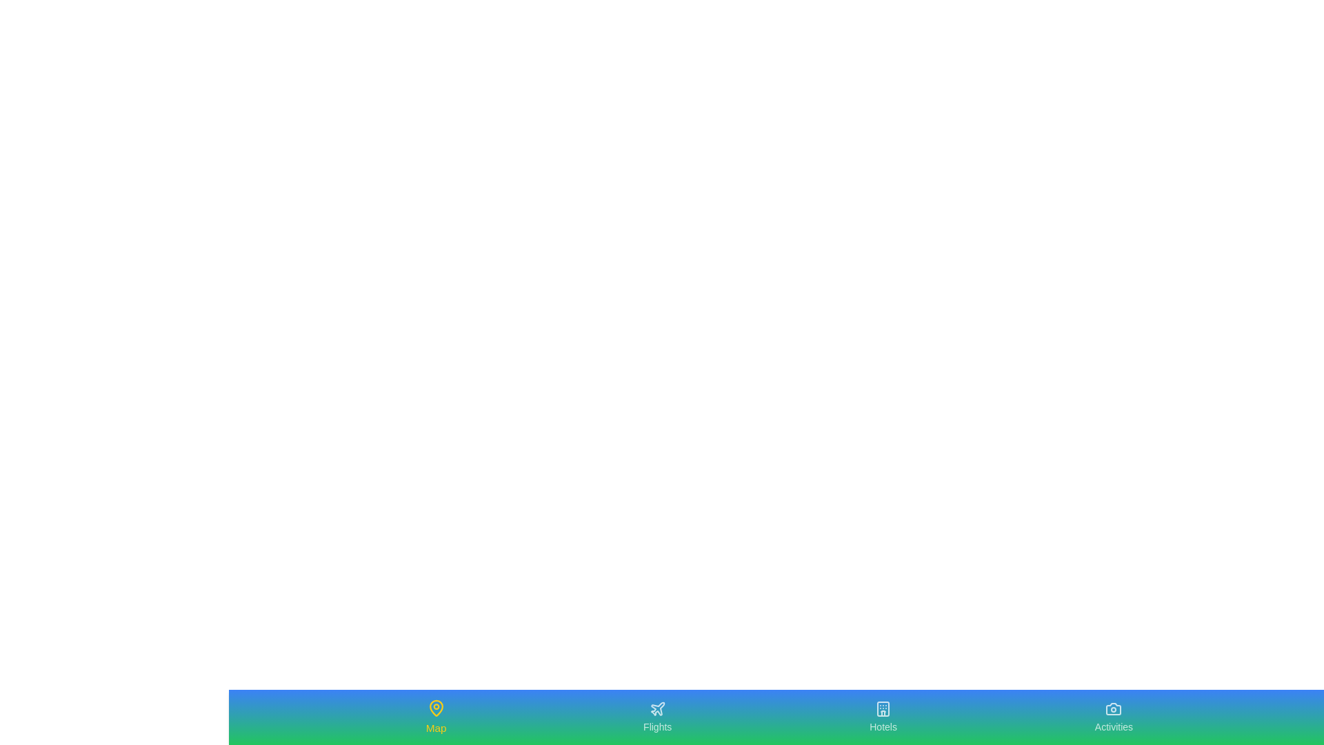 This screenshot has height=745, width=1324. I want to click on the Hotels tab to navigate to the corresponding section, so click(883, 717).